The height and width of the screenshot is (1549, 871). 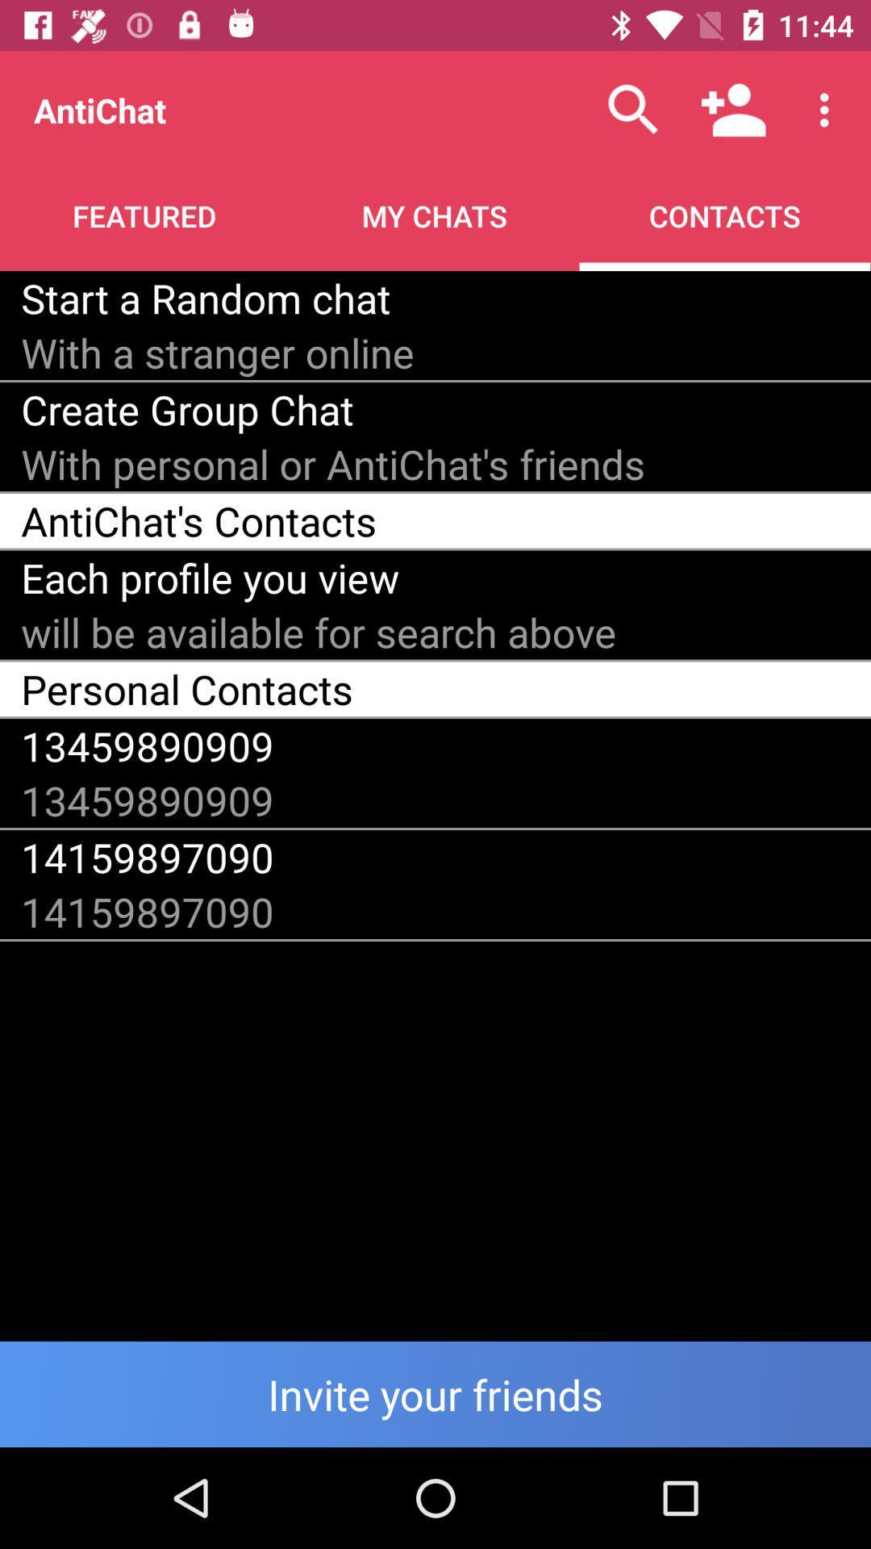 What do you see at coordinates (186, 409) in the screenshot?
I see `create group chat icon` at bounding box center [186, 409].